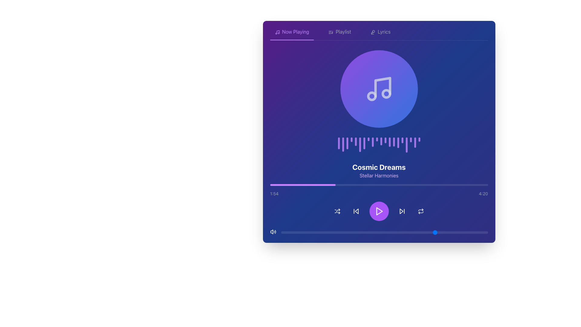 This screenshot has height=327, width=581. I want to click on playback progress, so click(270, 184).